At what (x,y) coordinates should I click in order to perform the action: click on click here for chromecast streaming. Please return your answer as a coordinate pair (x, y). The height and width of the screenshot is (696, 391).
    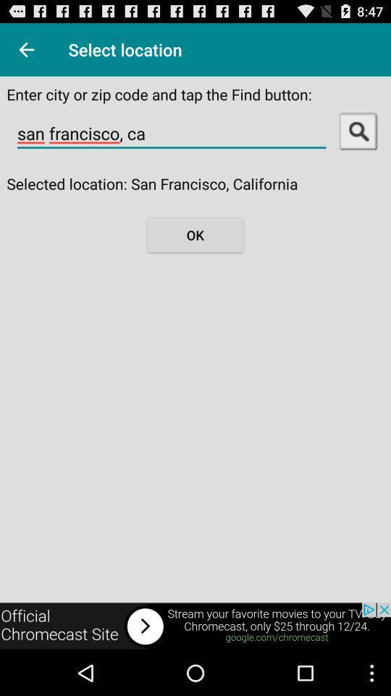
    Looking at the image, I should click on (195, 626).